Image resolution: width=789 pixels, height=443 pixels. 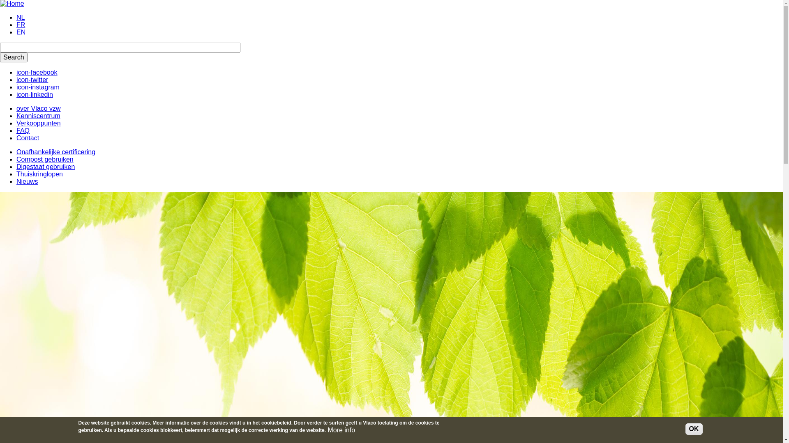 What do you see at coordinates (14, 57) in the screenshot?
I see `'Search'` at bounding box center [14, 57].